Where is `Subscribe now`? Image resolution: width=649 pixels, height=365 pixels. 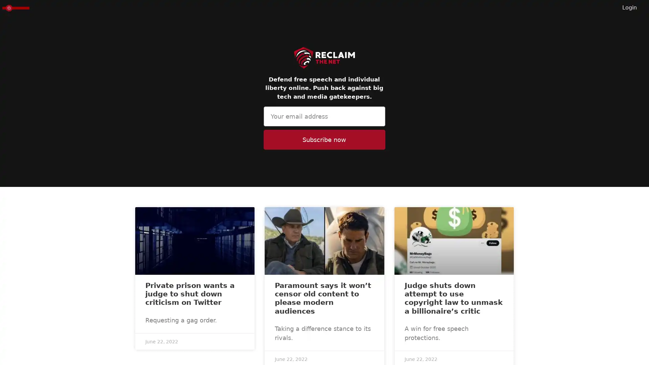
Subscribe now is located at coordinates (324, 139).